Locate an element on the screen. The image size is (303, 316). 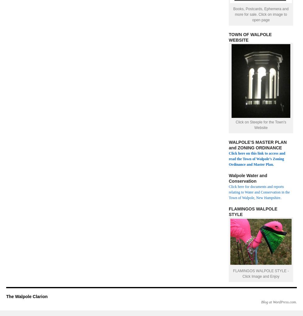
'Click on Steeple for the Town's Website' is located at coordinates (261, 124).